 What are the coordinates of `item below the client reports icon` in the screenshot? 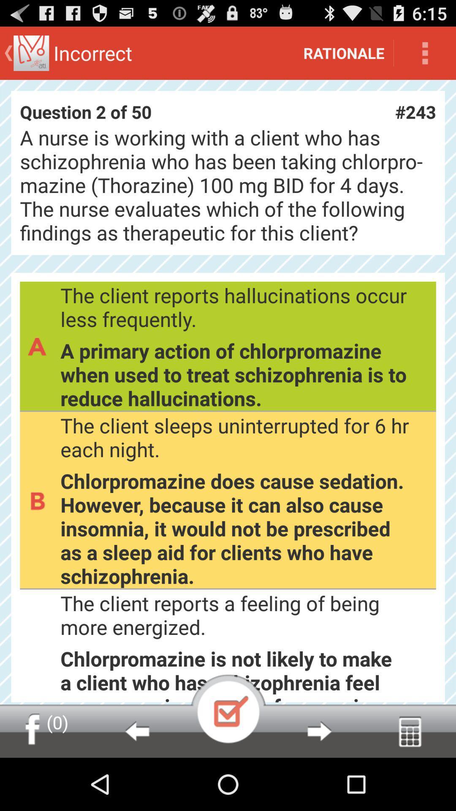 It's located at (228, 708).